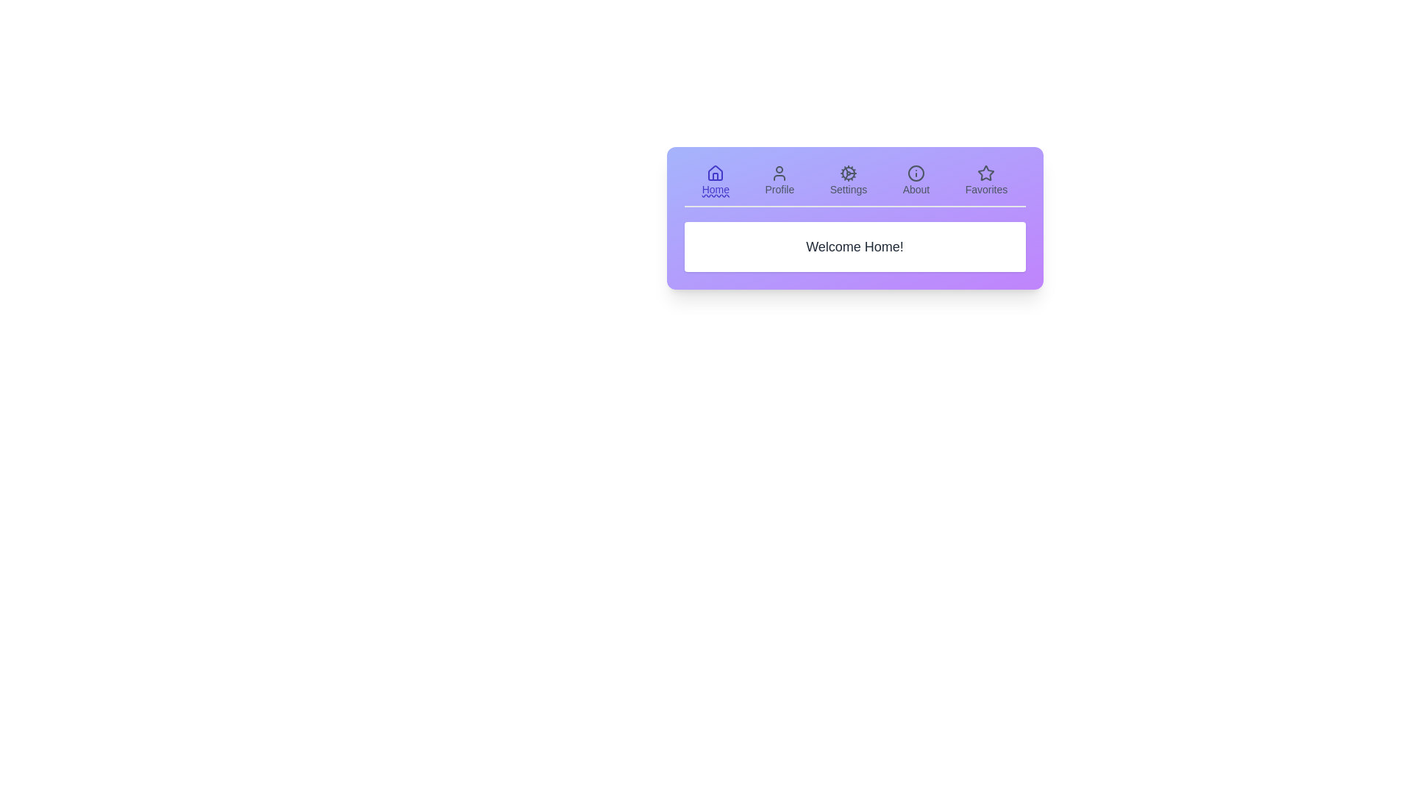  What do you see at coordinates (916, 180) in the screenshot?
I see `the tab labeled About to switch to it` at bounding box center [916, 180].